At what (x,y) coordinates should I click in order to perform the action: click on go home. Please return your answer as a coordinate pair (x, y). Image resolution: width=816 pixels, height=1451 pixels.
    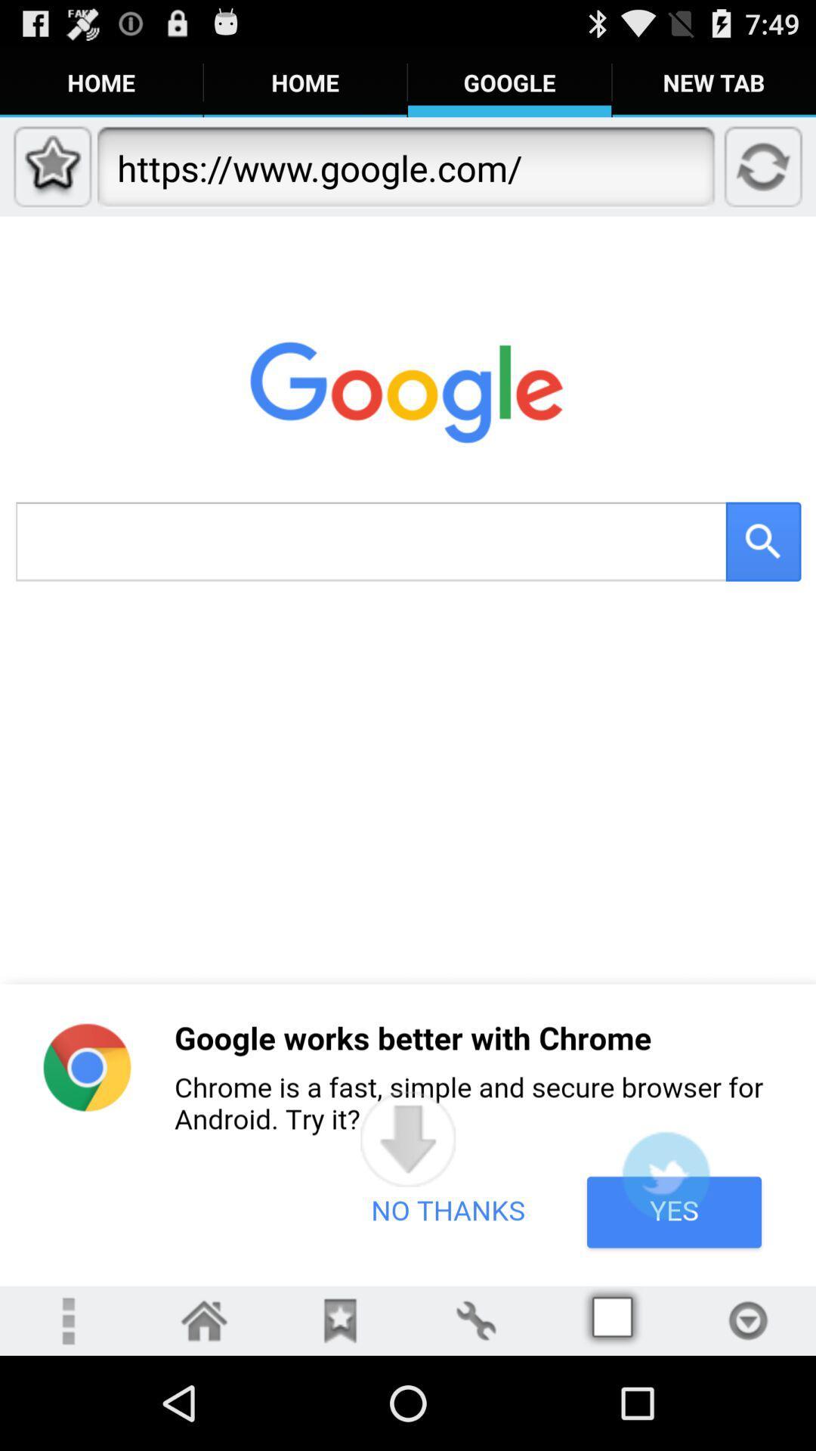
    Looking at the image, I should click on (204, 1320).